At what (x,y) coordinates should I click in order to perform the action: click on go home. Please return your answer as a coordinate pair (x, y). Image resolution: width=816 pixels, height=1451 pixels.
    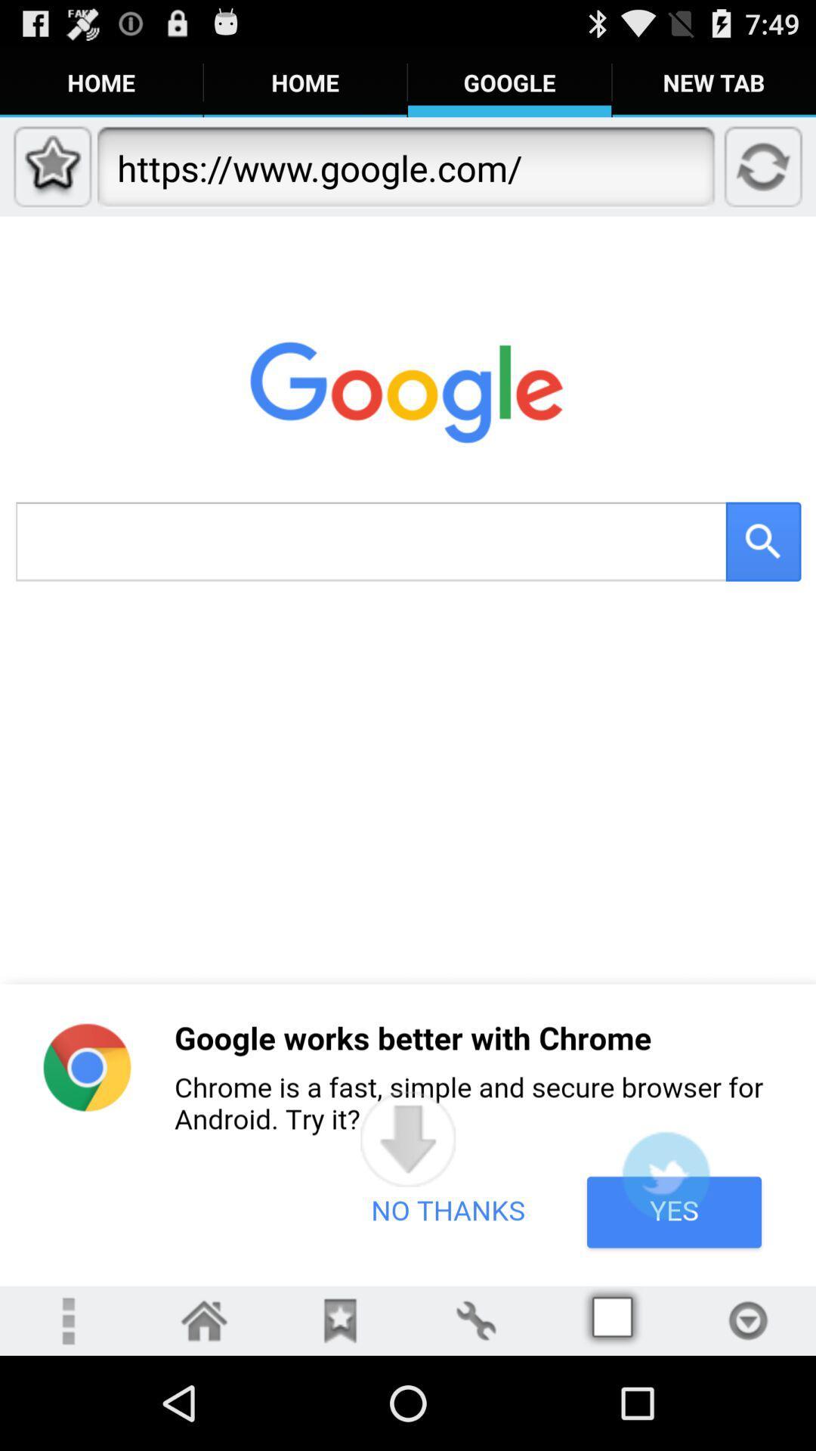
    Looking at the image, I should click on (204, 1320).